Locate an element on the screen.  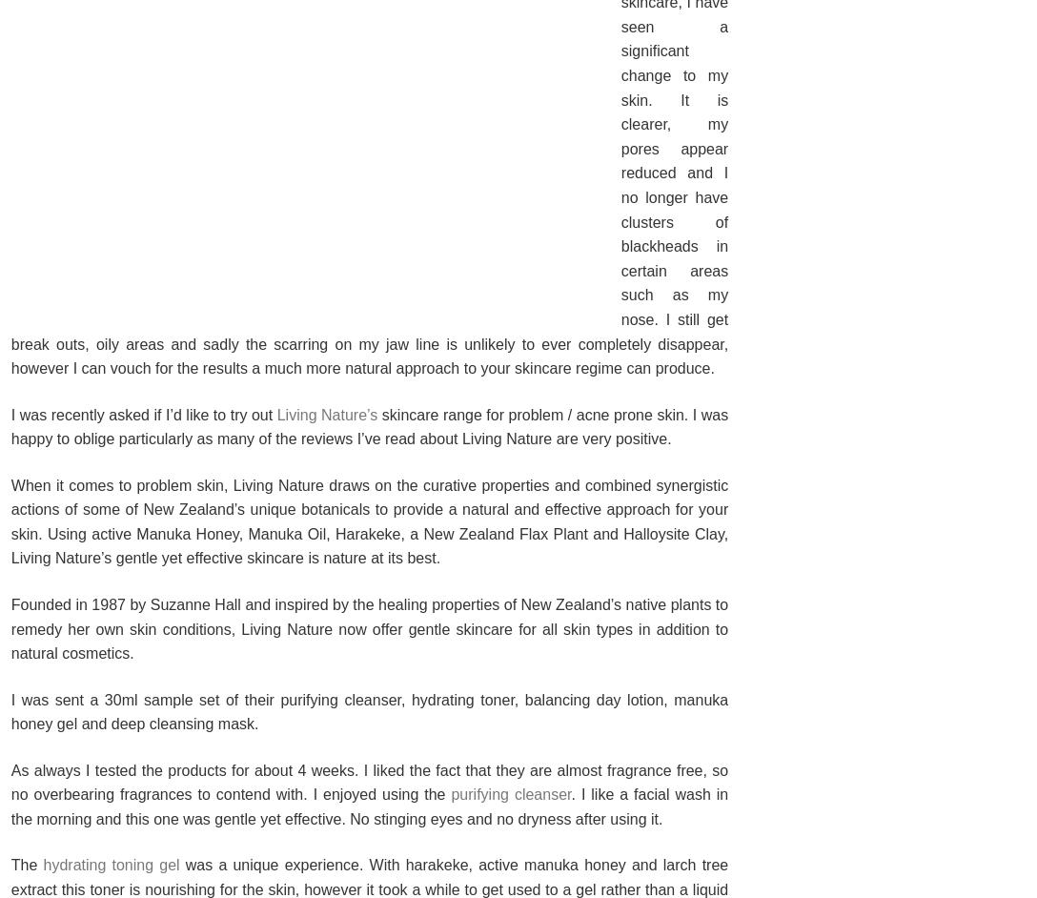
'I
was sent a 30ml sample set of their purifying cleanser, hydrating toner,
balancing day lotion, manuka honey gel and deep cleansing mask.' is located at coordinates (369, 710).